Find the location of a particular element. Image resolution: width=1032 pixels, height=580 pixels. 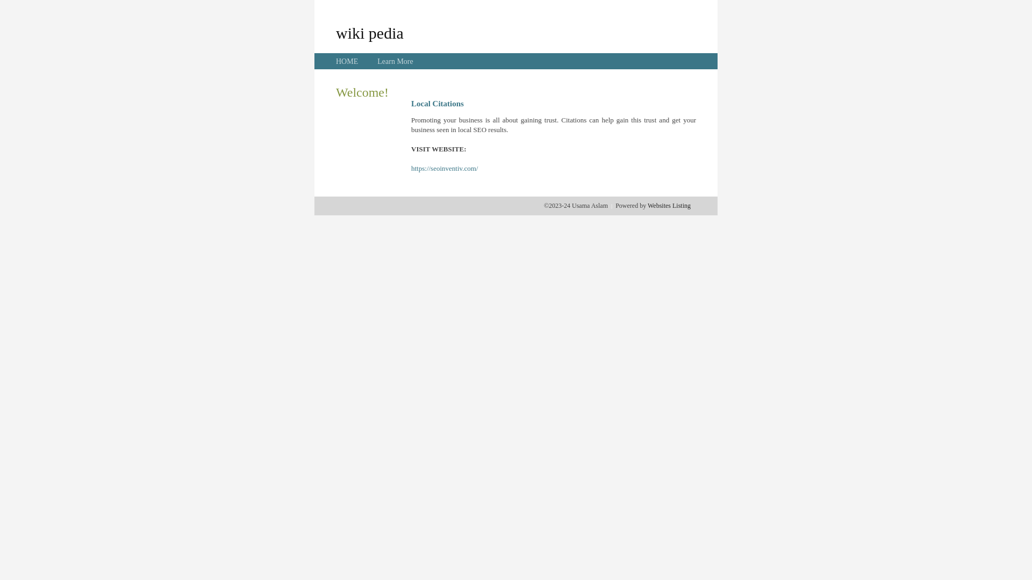

'wiki pedia' is located at coordinates (335, 32).